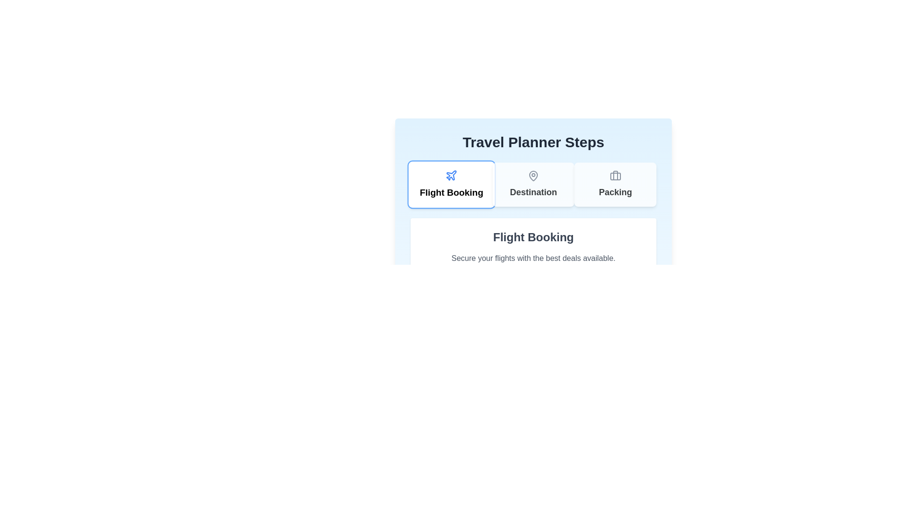 The image size is (922, 518). What do you see at coordinates (451, 192) in the screenshot?
I see `text label displaying 'Flight Booking', which is a bold, large font label located below an airplane icon within a blue outlined card` at bounding box center [451, 192].